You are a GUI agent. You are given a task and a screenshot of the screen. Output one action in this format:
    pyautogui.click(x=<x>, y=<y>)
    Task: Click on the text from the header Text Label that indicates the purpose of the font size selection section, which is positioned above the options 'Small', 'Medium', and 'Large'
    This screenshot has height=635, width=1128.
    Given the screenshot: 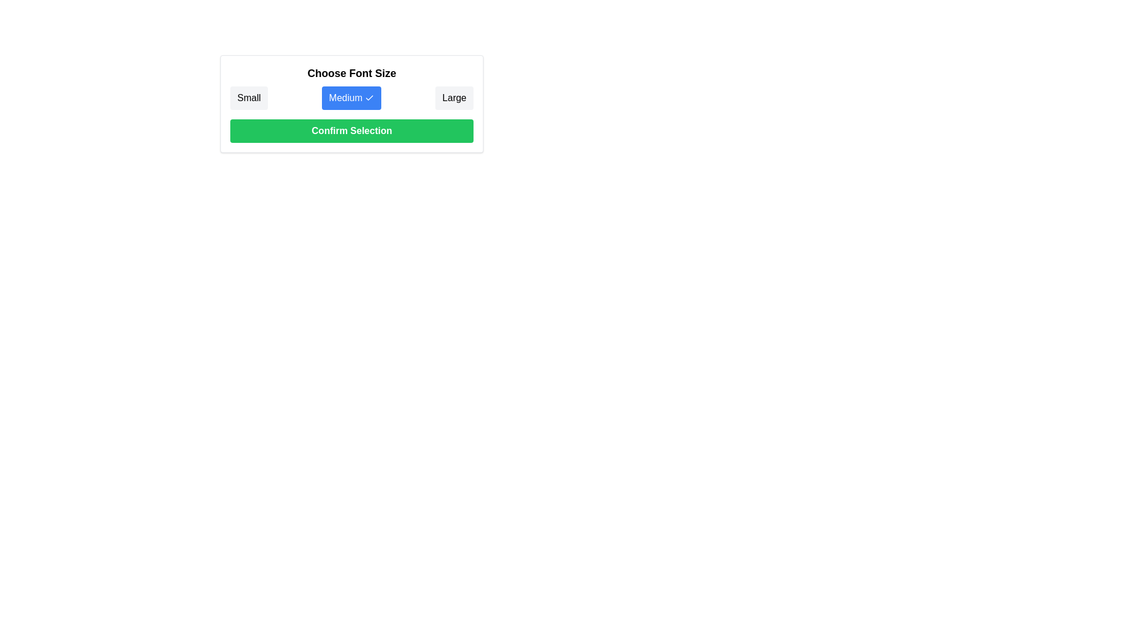 What is the action you would take?
    pyautogui.click(x=351, y=73)
    